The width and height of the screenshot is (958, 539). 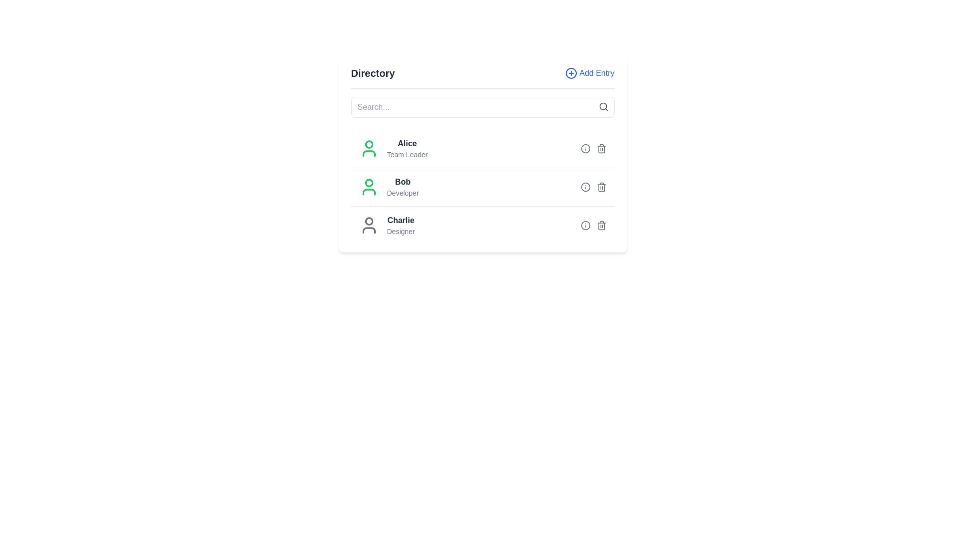 What do you see at coordinates (585, 225) in the screenshot?
I see `the gray information circle icon button located` at bounding box center [585, 225].